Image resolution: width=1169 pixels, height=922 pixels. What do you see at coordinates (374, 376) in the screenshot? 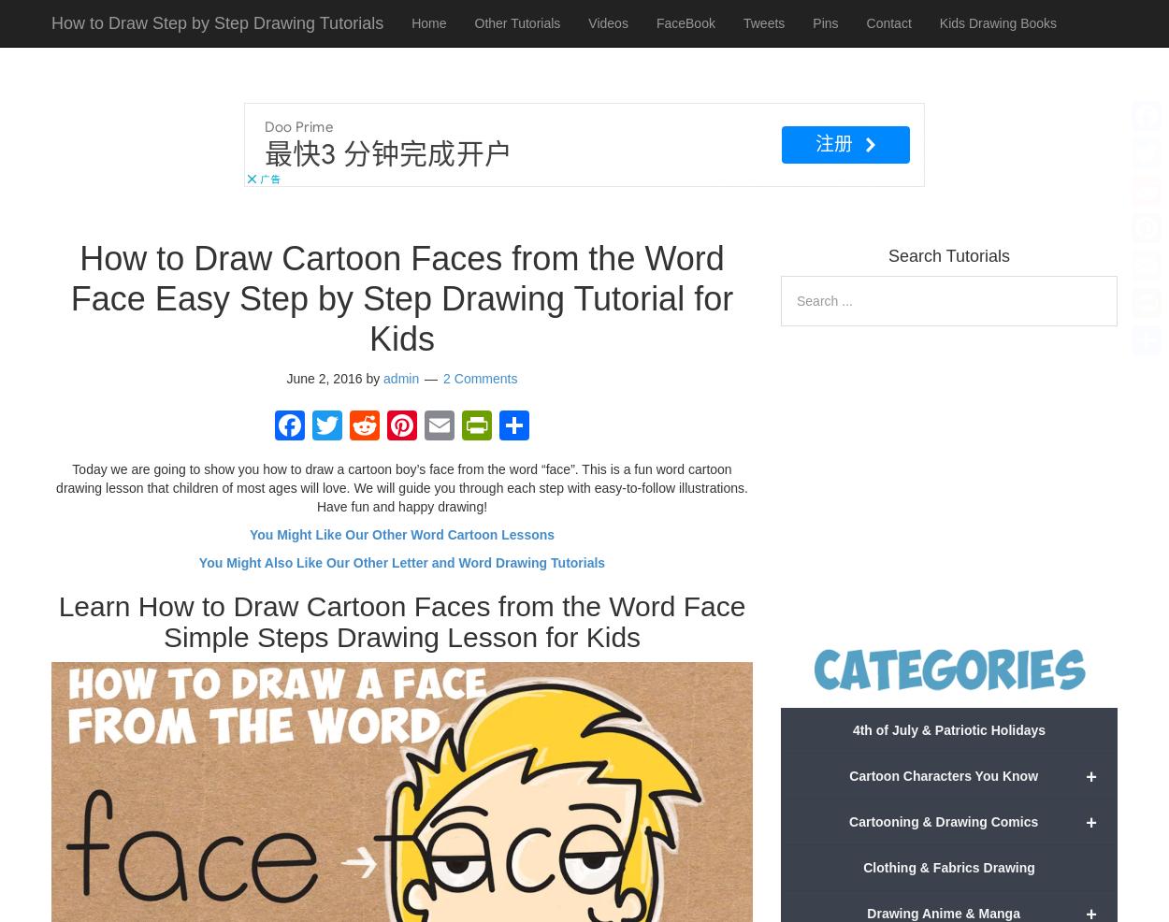
I see `'by'` at bounding box center [374, 376].